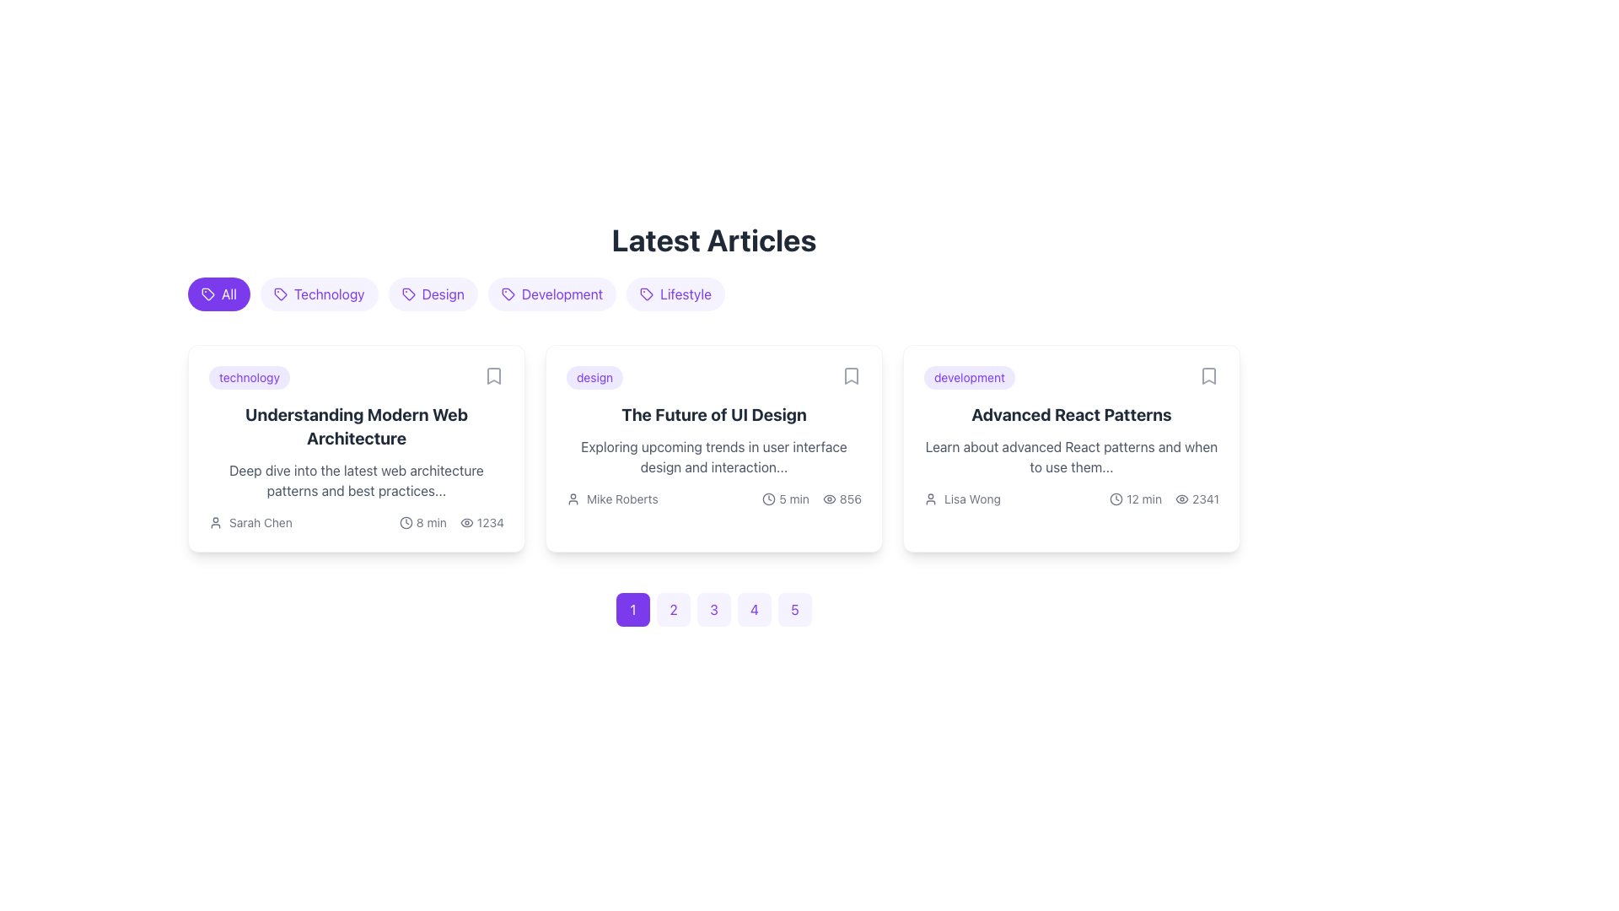 This screenshot has width=1619, height=911. What do you see at coordinates (812, 498) in the screenshot?
I see `the clock and eye icons in the 'The Future of UI Design' card under the author's name 'Mike Roberts'` at bounding box center [812, 498].